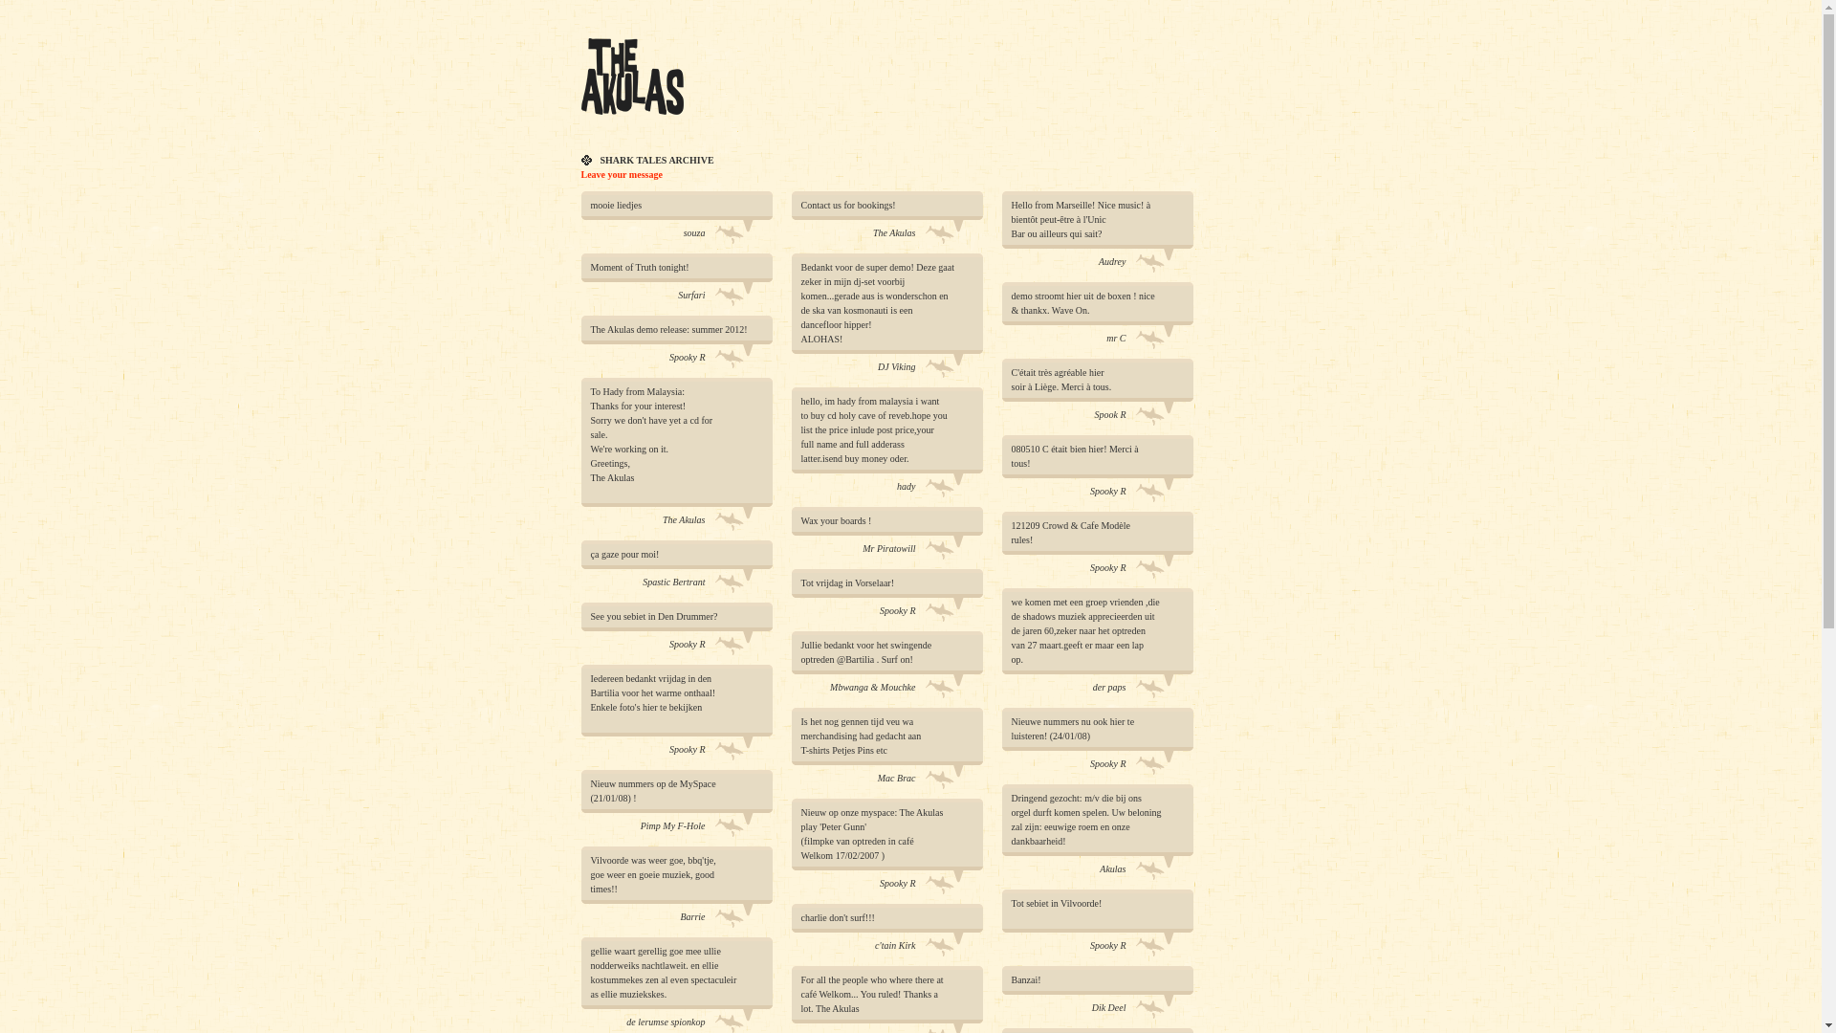 This screenshot has width=1836, height=1033. What do you see at coordinates (622, 174) in the screenshot?
I see `'Leave your message'` at bounding box center [622, 174].